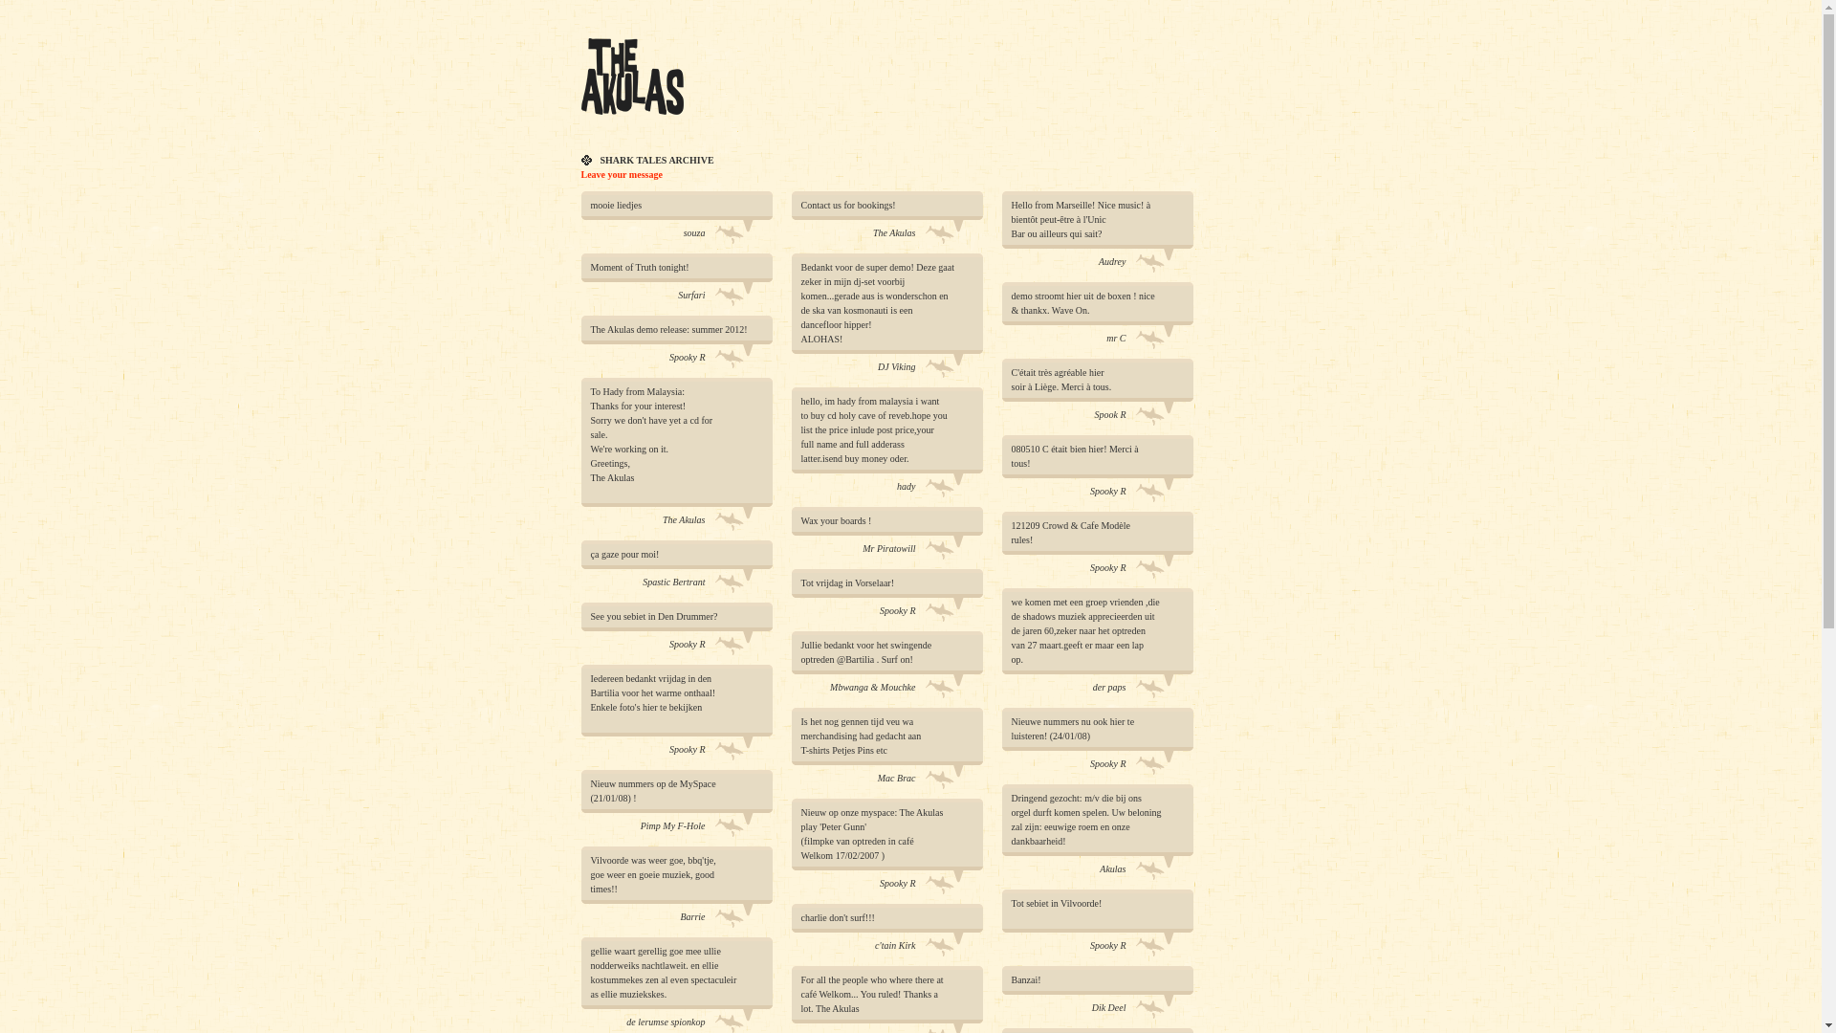 This screenshot has width=1836, height=1033. What do you see at coordinates (622, 174) in the screenshot?
I see `'Leave your message'` at bounding box center [622, 174].